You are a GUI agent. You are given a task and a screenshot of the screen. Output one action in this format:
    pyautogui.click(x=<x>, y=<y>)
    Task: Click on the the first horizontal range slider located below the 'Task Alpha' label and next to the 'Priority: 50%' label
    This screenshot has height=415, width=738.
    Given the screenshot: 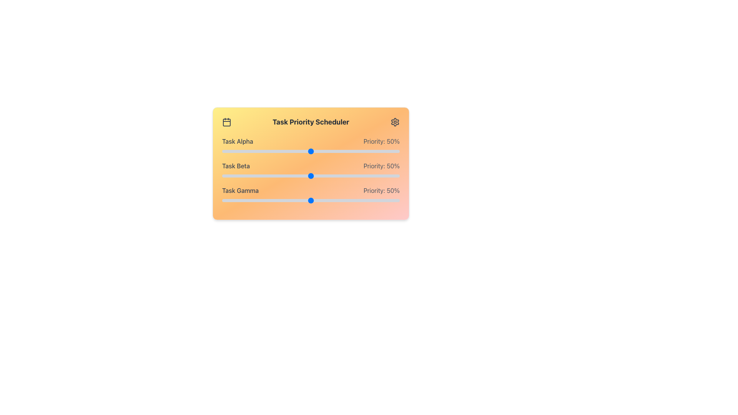 What is the action you would take?
    pyautogui.click(x=311, y=151)
    